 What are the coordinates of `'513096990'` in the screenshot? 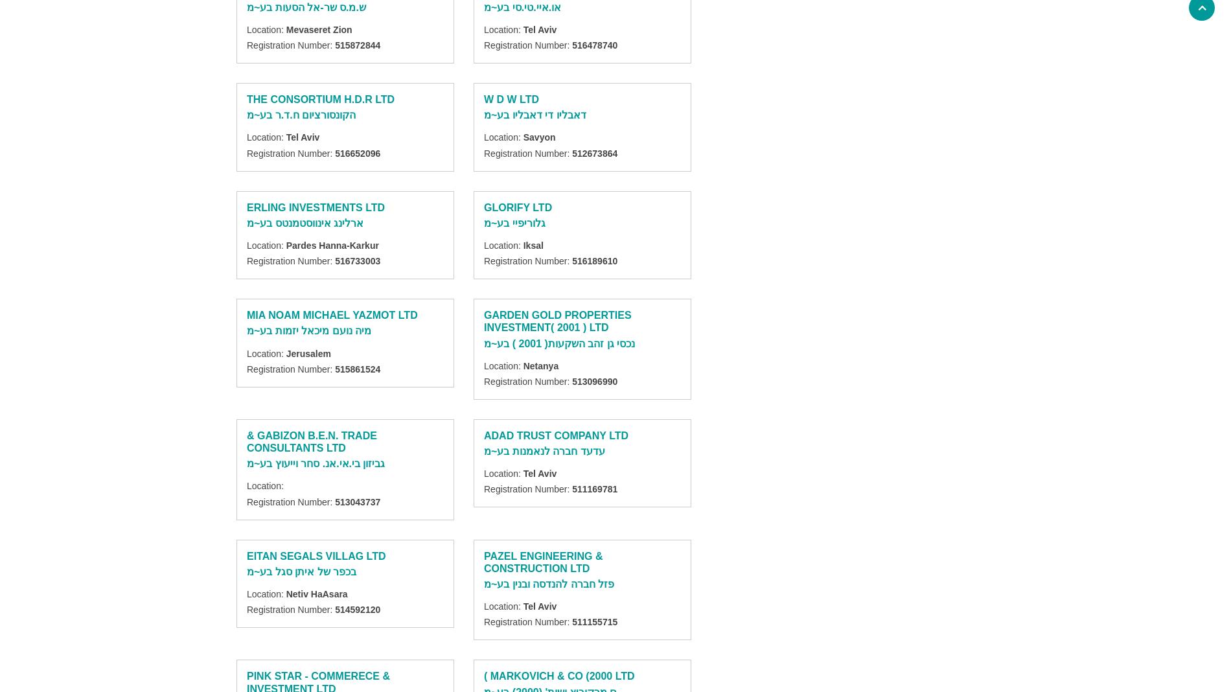 It's located at (594, 380).